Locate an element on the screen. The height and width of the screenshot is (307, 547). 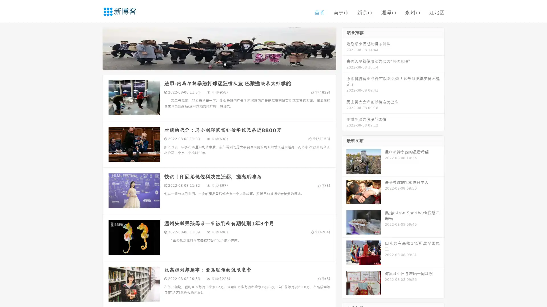
Go to slide 3 is located at coordinates (225, 64).